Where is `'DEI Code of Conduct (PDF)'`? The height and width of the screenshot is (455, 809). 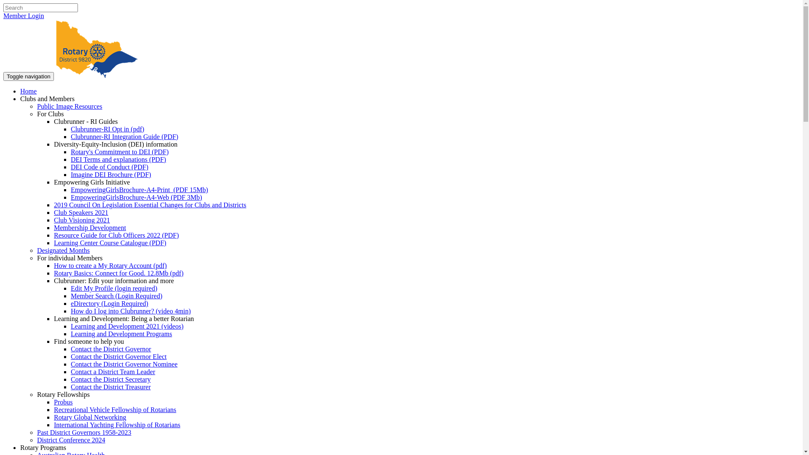 'DEI Code of Conduct (PDF)' is located at coordinates (109, 167).